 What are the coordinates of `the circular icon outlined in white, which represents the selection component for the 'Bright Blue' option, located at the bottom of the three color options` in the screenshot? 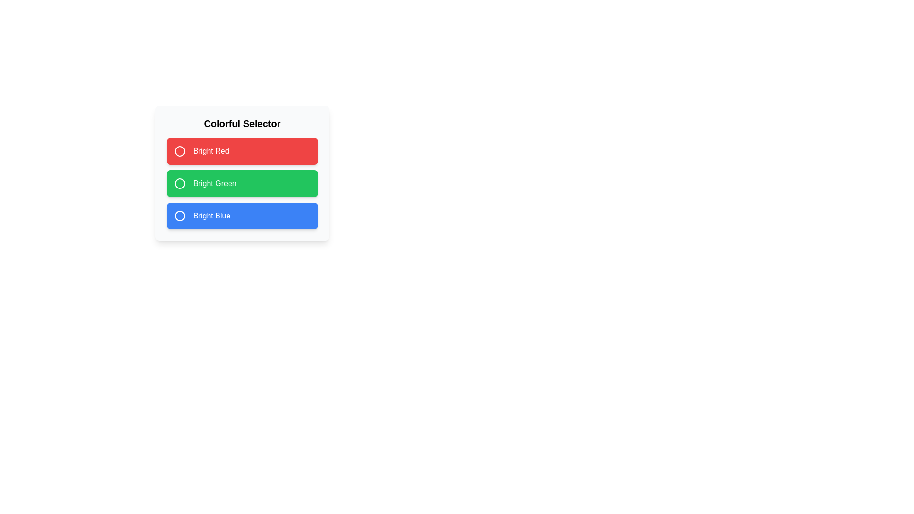 It's located at (180, 216).